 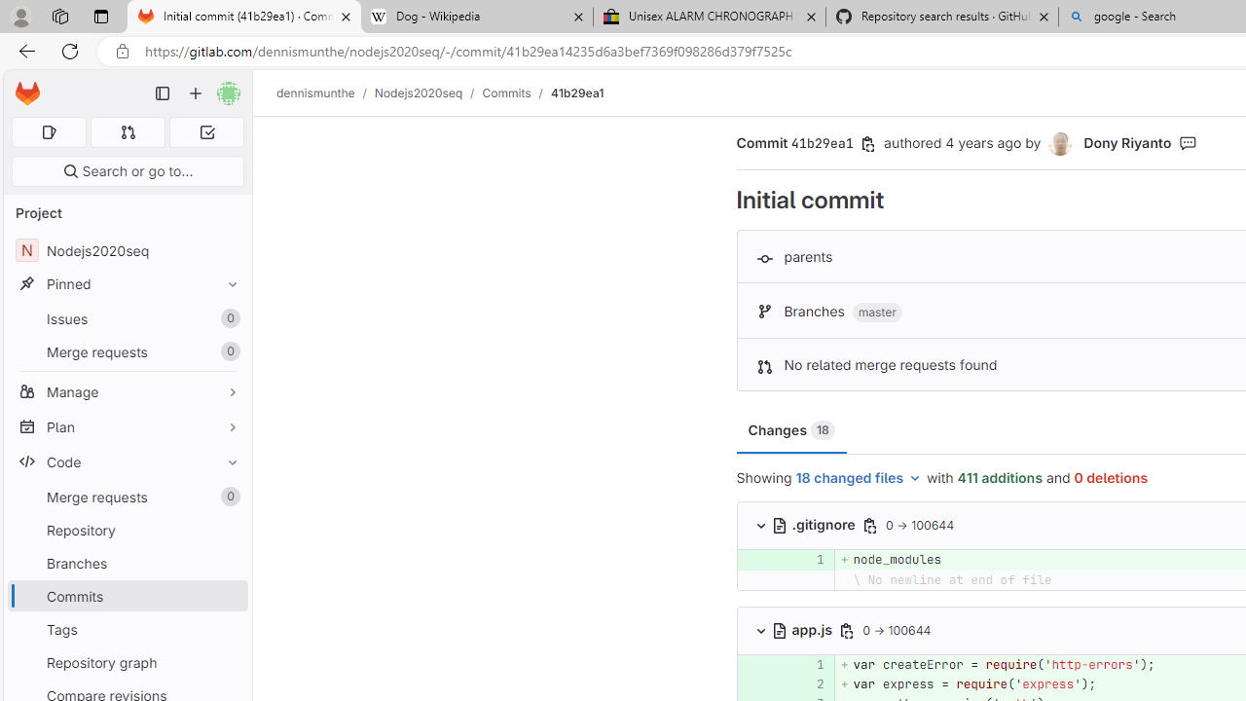 What do you see at coordinates (127, 461) in the screenshot?
I see `'Code'` at bounding box center [127, 461].